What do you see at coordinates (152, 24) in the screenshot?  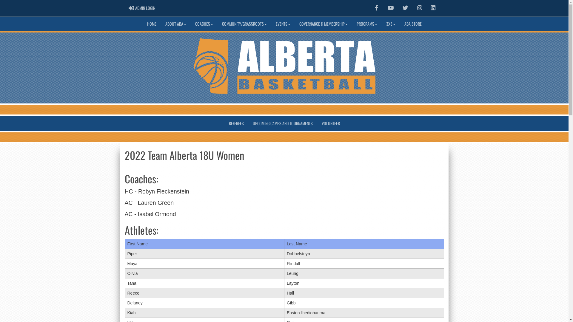 I see `'HOME'` at bounding box center [152, 24].